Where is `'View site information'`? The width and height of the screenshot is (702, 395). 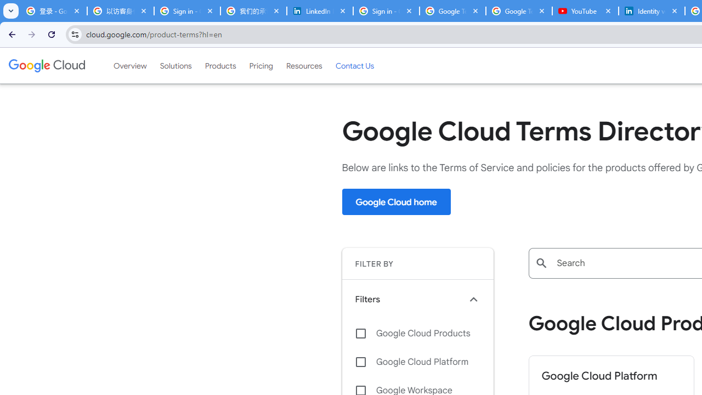
'View site information' is located at coordinates (74, 33).